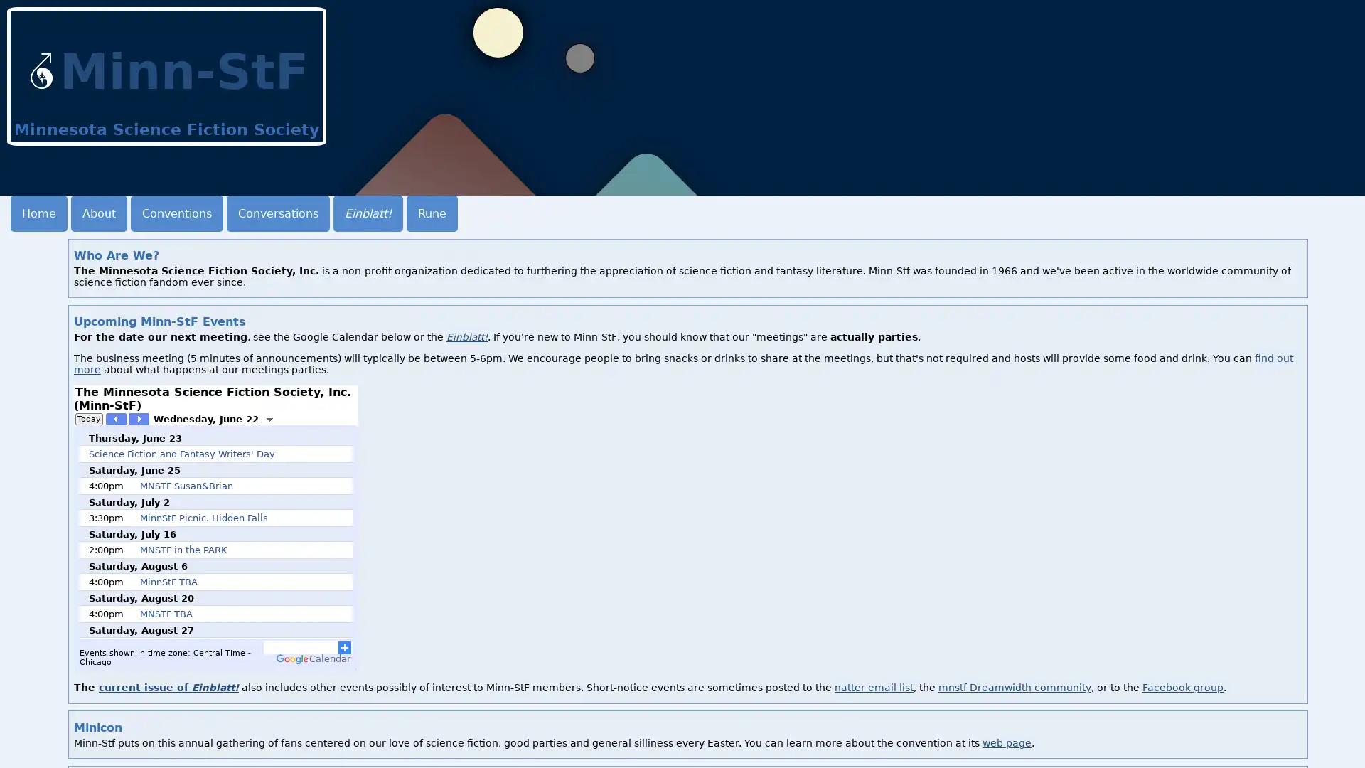 This screenshot has width=1365, height=768. I want to click on Rune, so click(432, 213).